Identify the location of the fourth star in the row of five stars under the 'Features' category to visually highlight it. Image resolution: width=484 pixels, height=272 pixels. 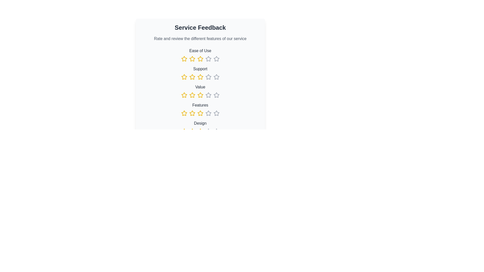
(184, 113).